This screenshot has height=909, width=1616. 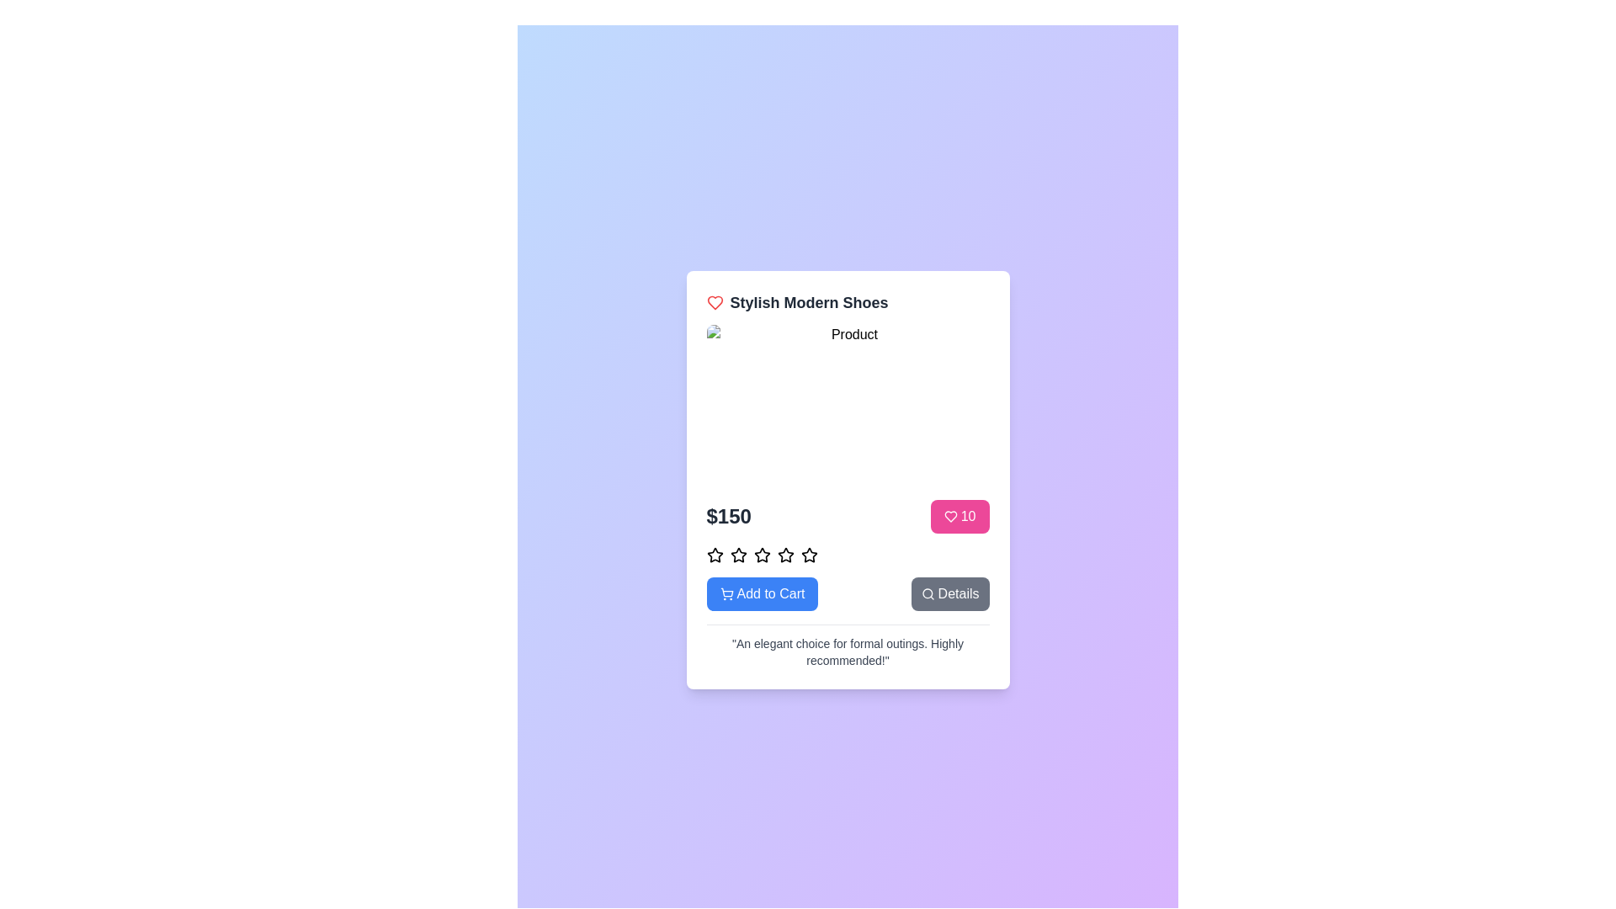 What do you see at coordinates (926, 592) in the screenshot?
I see `the circular area of the SVG Circle Element, which is part of the magnifying glass icon located in the top-right corner of the search icon` at bounding box center [926, 592].